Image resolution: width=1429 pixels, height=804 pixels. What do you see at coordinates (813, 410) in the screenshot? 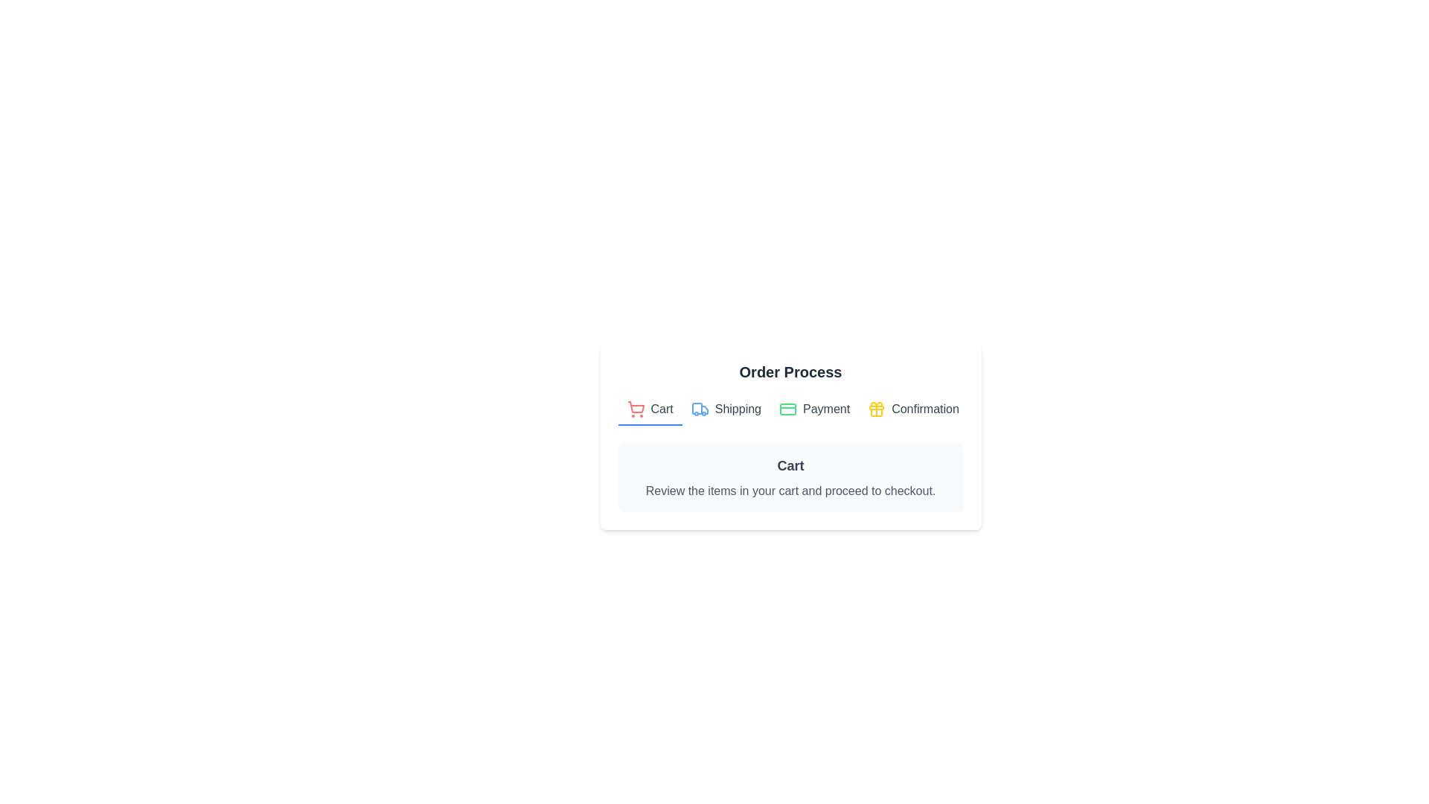
I see `the Payment tab to navigate to the corresponding step` at bounding box center [813, 410].